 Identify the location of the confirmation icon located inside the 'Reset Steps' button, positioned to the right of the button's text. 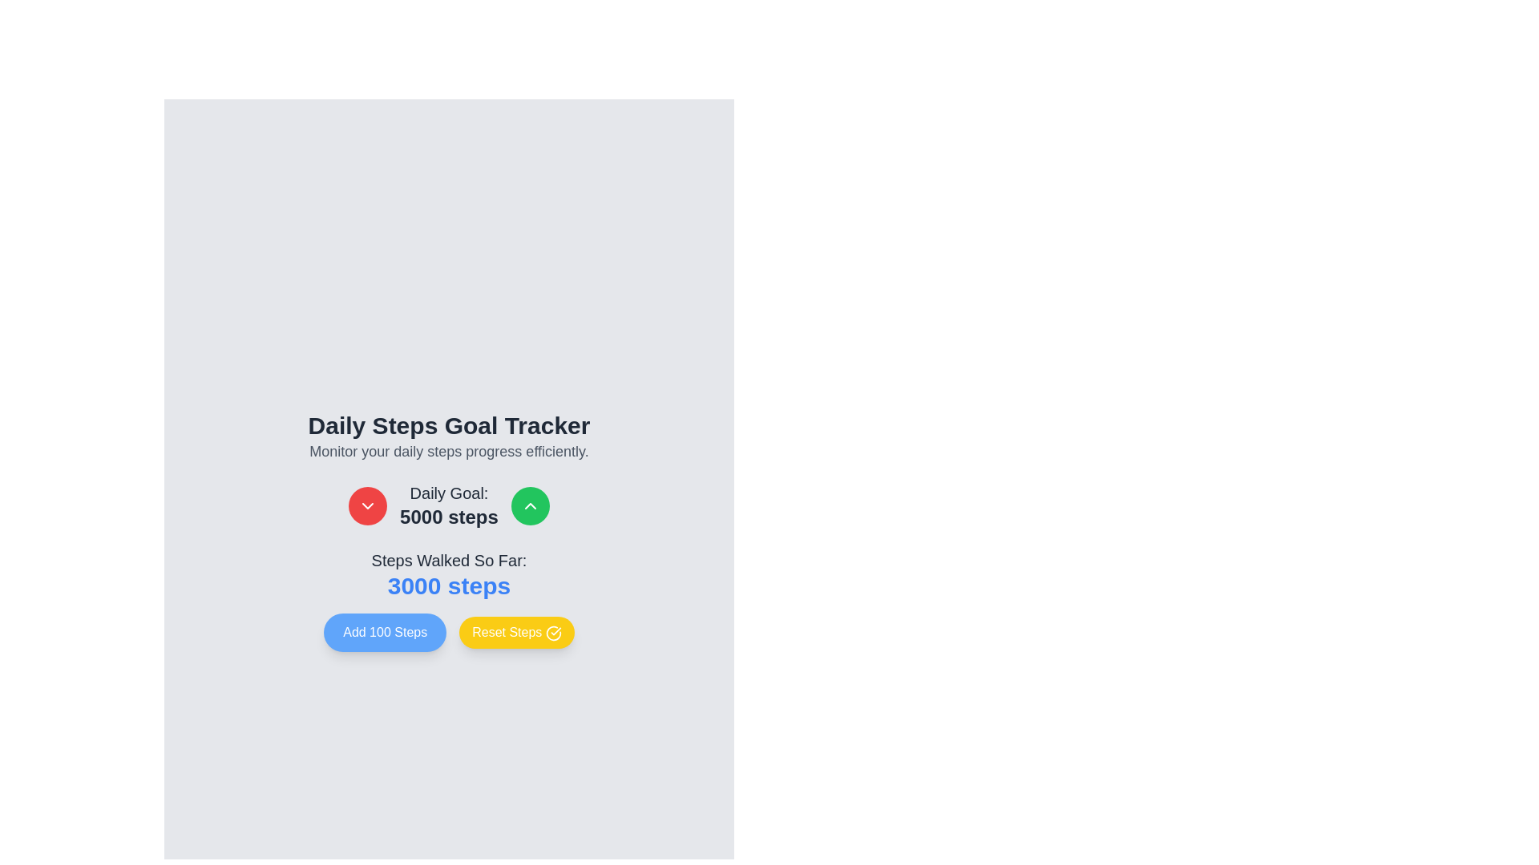
(553, 632).